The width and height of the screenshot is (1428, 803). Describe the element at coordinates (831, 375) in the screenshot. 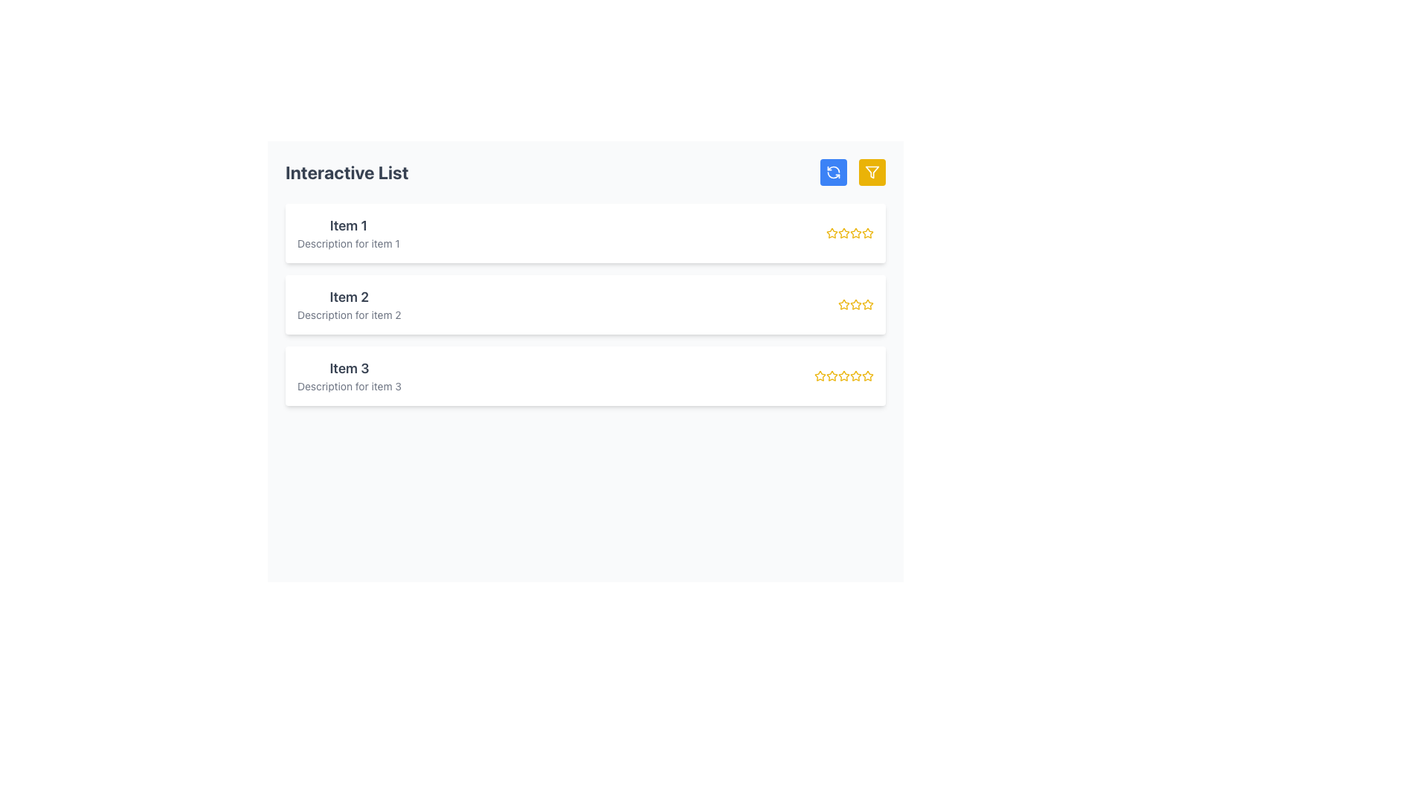

I see `the second star icon in the five-star rating system for 'Item 3'` at that location.